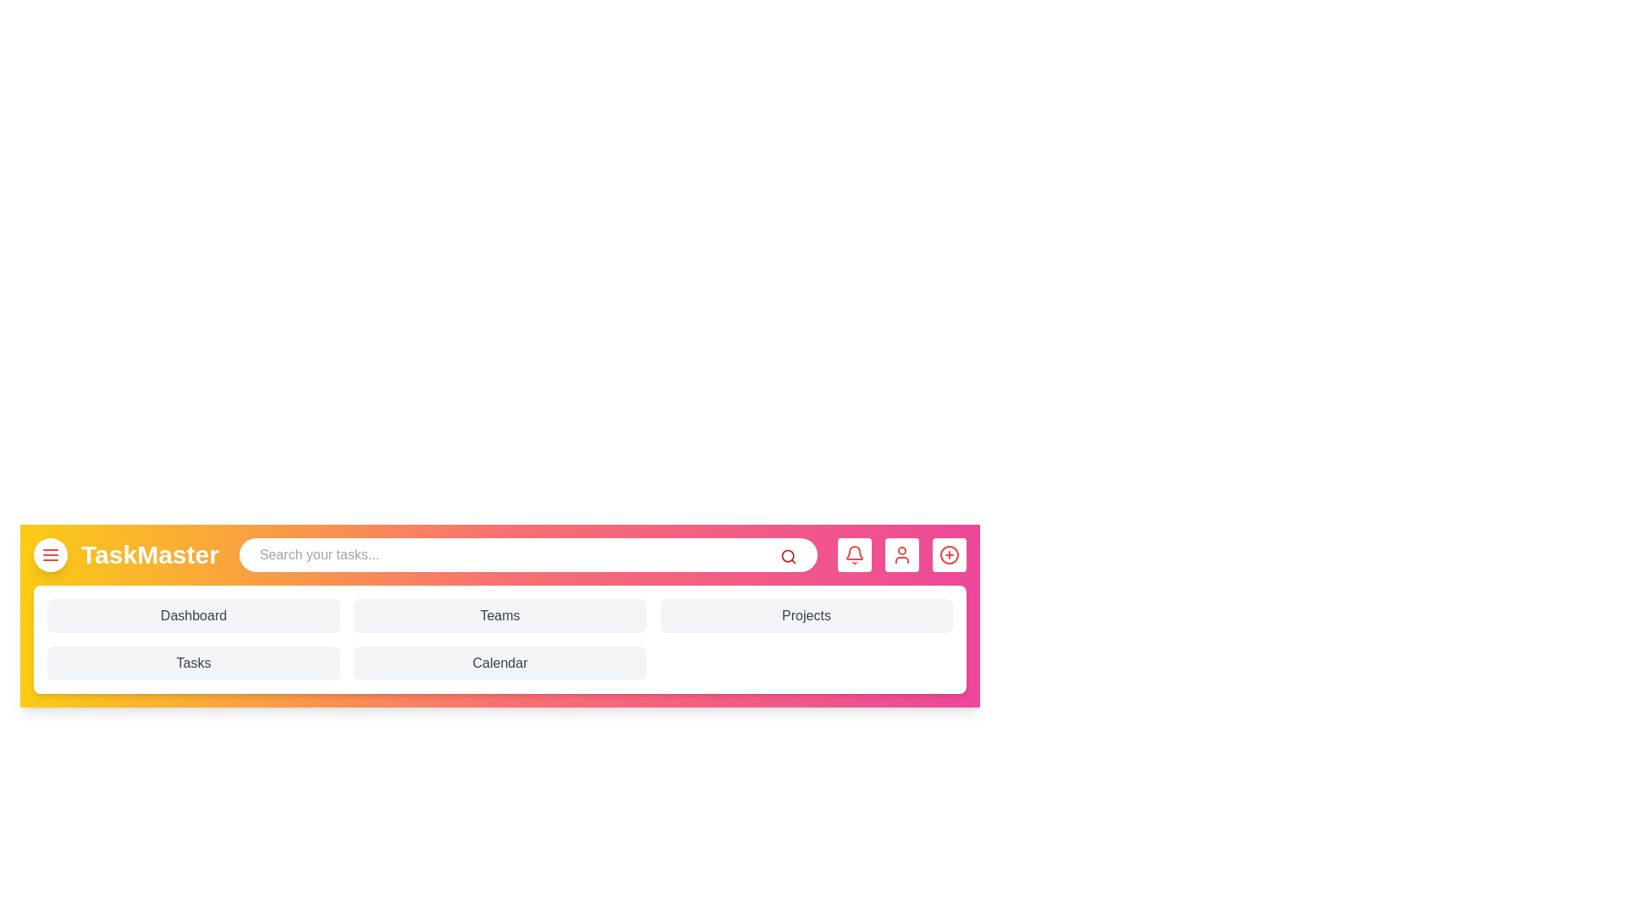 This screenshot has width=1625, height=914. Describe the element at coordinates (194, 662) in the screenshot. I see `the 'Tasks' button to navigate to the Tasks section` at that location.